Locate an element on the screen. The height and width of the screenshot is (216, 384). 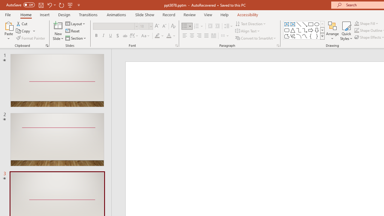
'Shape Fill Dark Green, Accent 2' is located at coordinates (357, 23).